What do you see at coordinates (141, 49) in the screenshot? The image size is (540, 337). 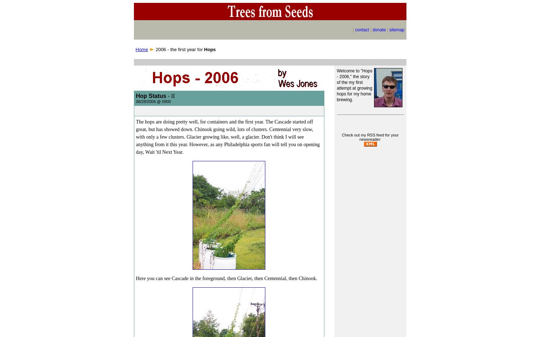 I see `'Home'` at bounding box center [141, 49].